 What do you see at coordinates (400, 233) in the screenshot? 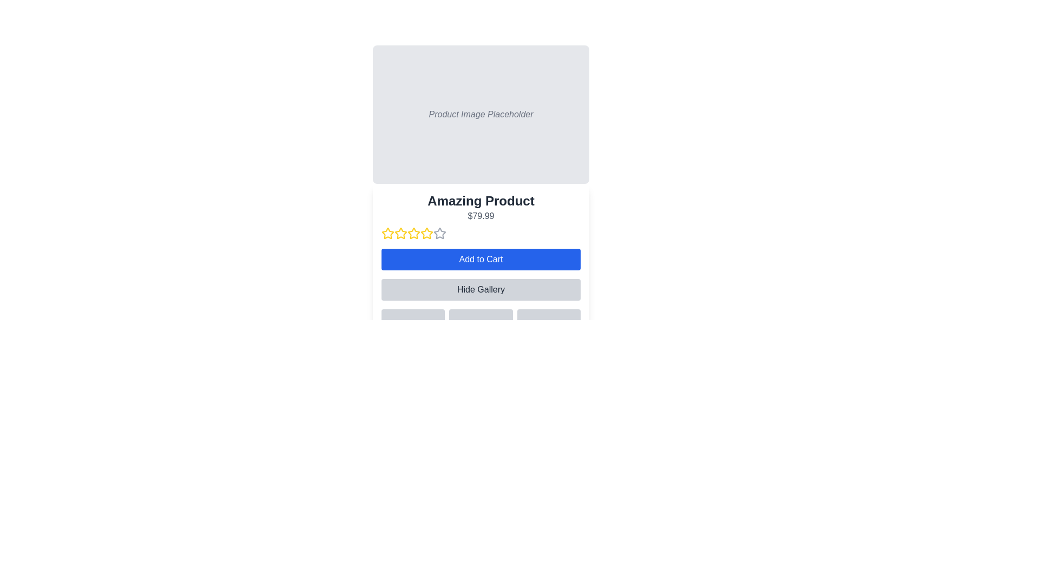
I see `the third star icon used for rating, which is aligned horizontally beneath the product title and price information` at bounding box center [400, 233].